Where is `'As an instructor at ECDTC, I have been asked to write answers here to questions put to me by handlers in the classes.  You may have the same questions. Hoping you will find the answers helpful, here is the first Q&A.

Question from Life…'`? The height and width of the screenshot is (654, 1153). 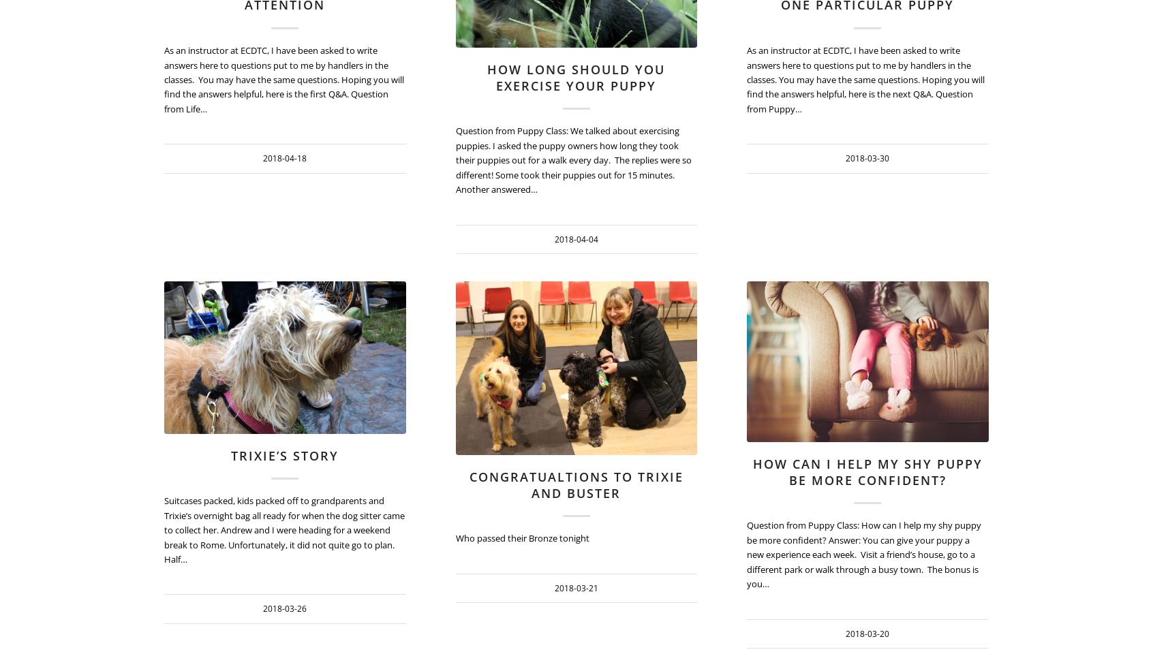 'As an instructor at ECDTC, I have been asked to write answers here to questions put to me by handlers in the classes.  You may have the same questions. Hoping you will find the answers helpful, here is the first Q&A.

Question from Life…' is located at coordinates (284, 79).